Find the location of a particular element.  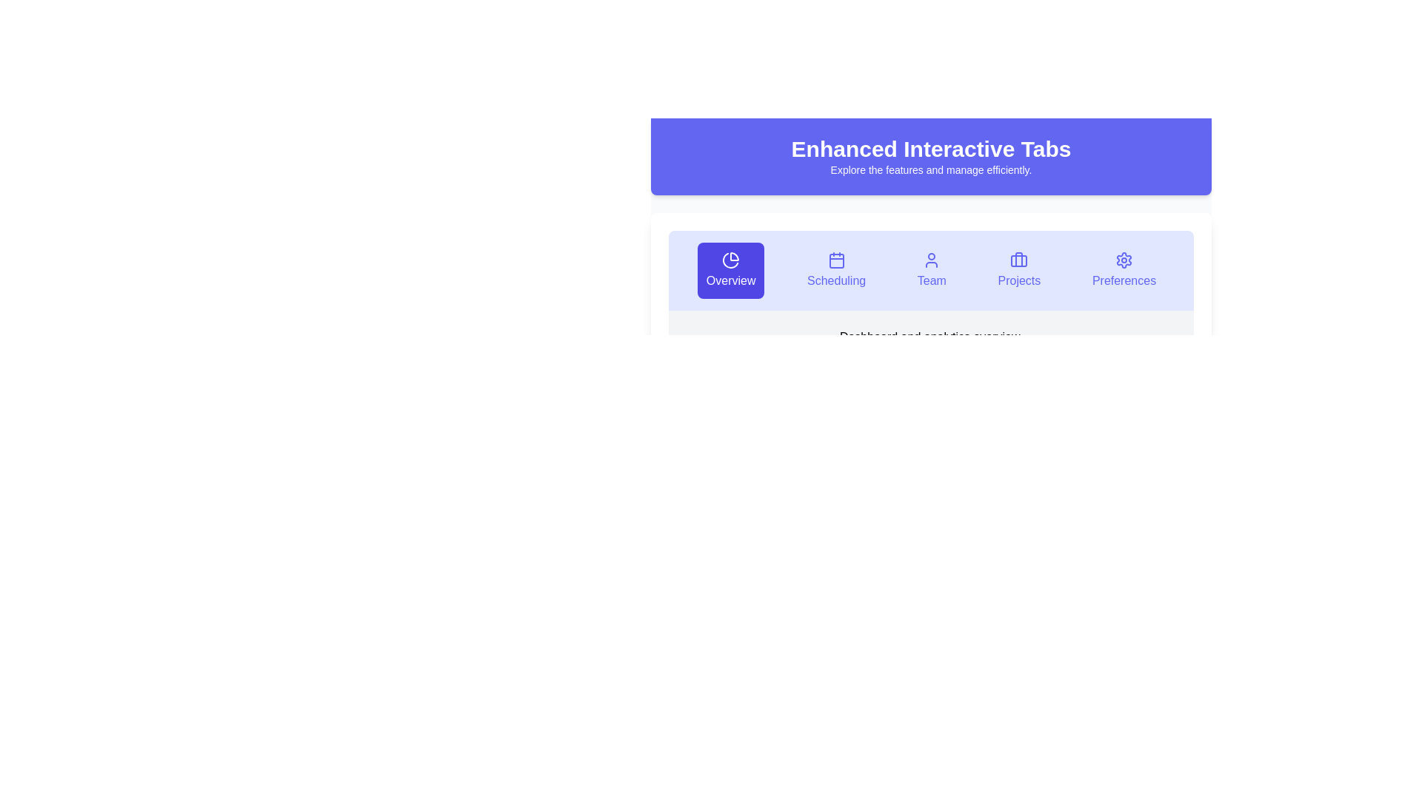

the Informational text section located below the interactive tabs labeled 'Overview,' 'Scheduling,' 'Team,' etc., which provide a summary or description relevant to the interface is located at coordinates (930, 337).